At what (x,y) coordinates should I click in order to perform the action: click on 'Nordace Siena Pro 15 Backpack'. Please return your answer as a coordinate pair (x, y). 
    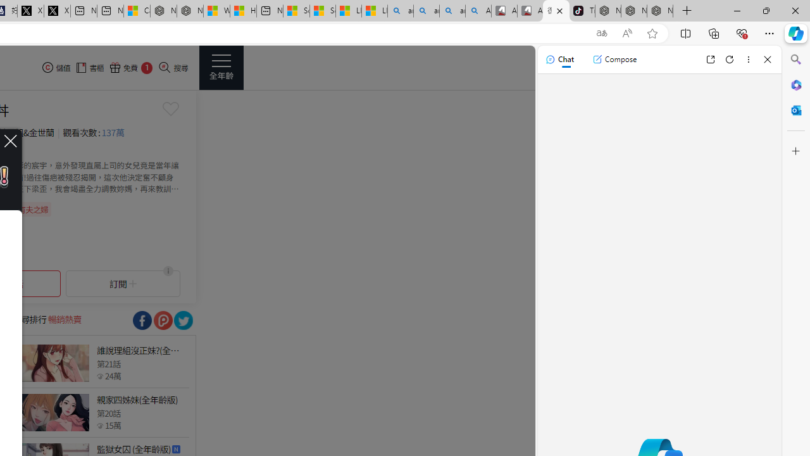
    Looking at the image, I should click on (633, 11).